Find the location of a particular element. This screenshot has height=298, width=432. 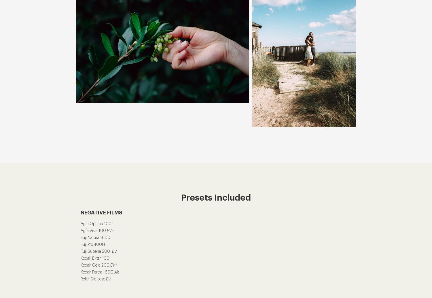

'Presets Included' is located at coordinates (216, 197).